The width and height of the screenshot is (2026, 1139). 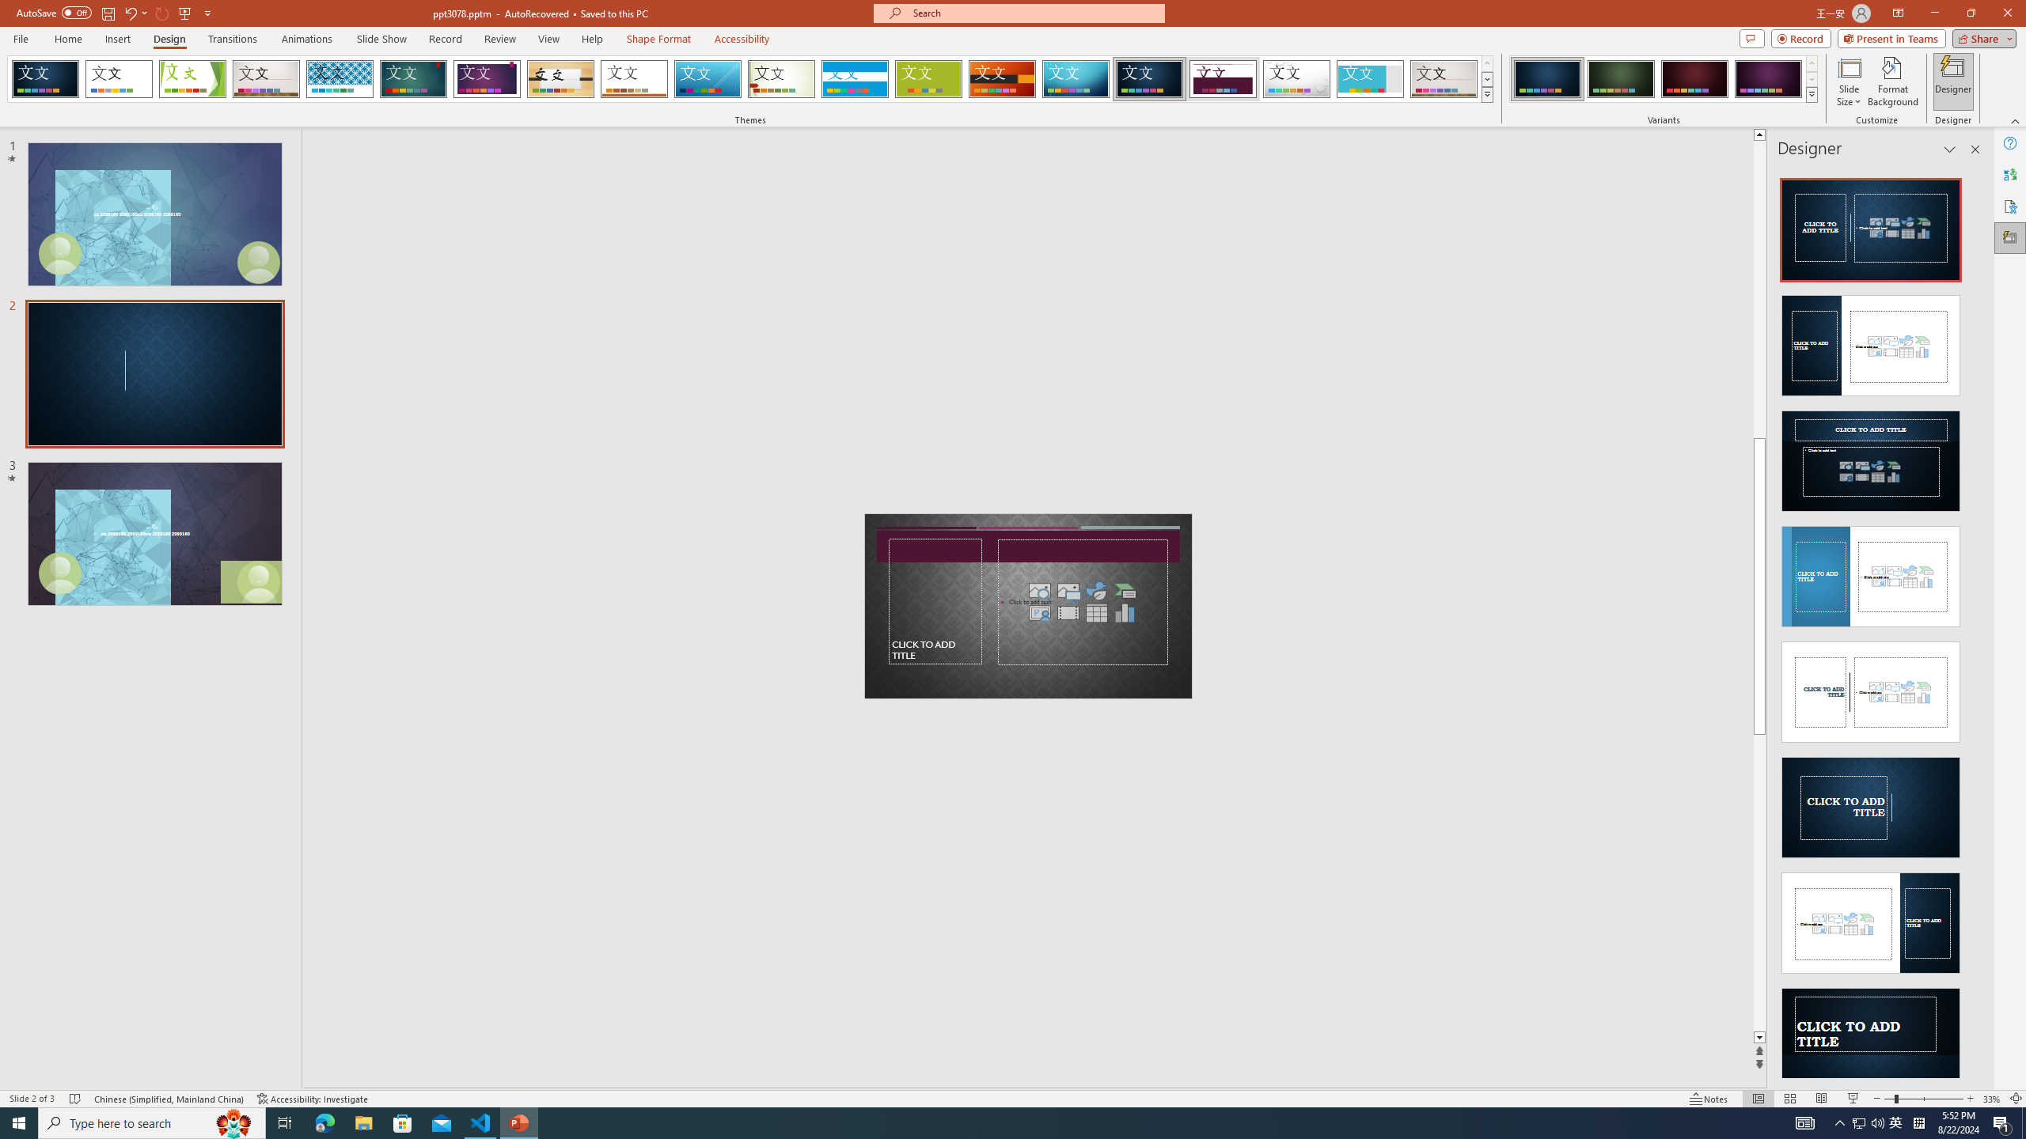 What do you see at coordinates (1810, 93) in the screenshot?
I see `'Variants'` at bounding box center [1810, 93].